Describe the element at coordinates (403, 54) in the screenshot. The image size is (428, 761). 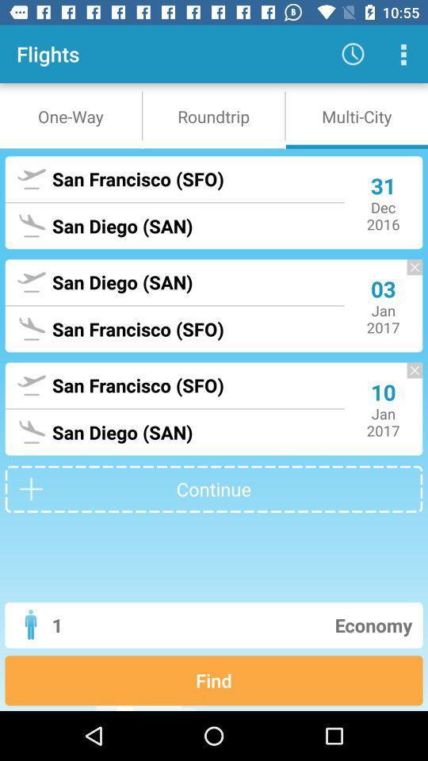
I see `icon above multi-city` at that location.